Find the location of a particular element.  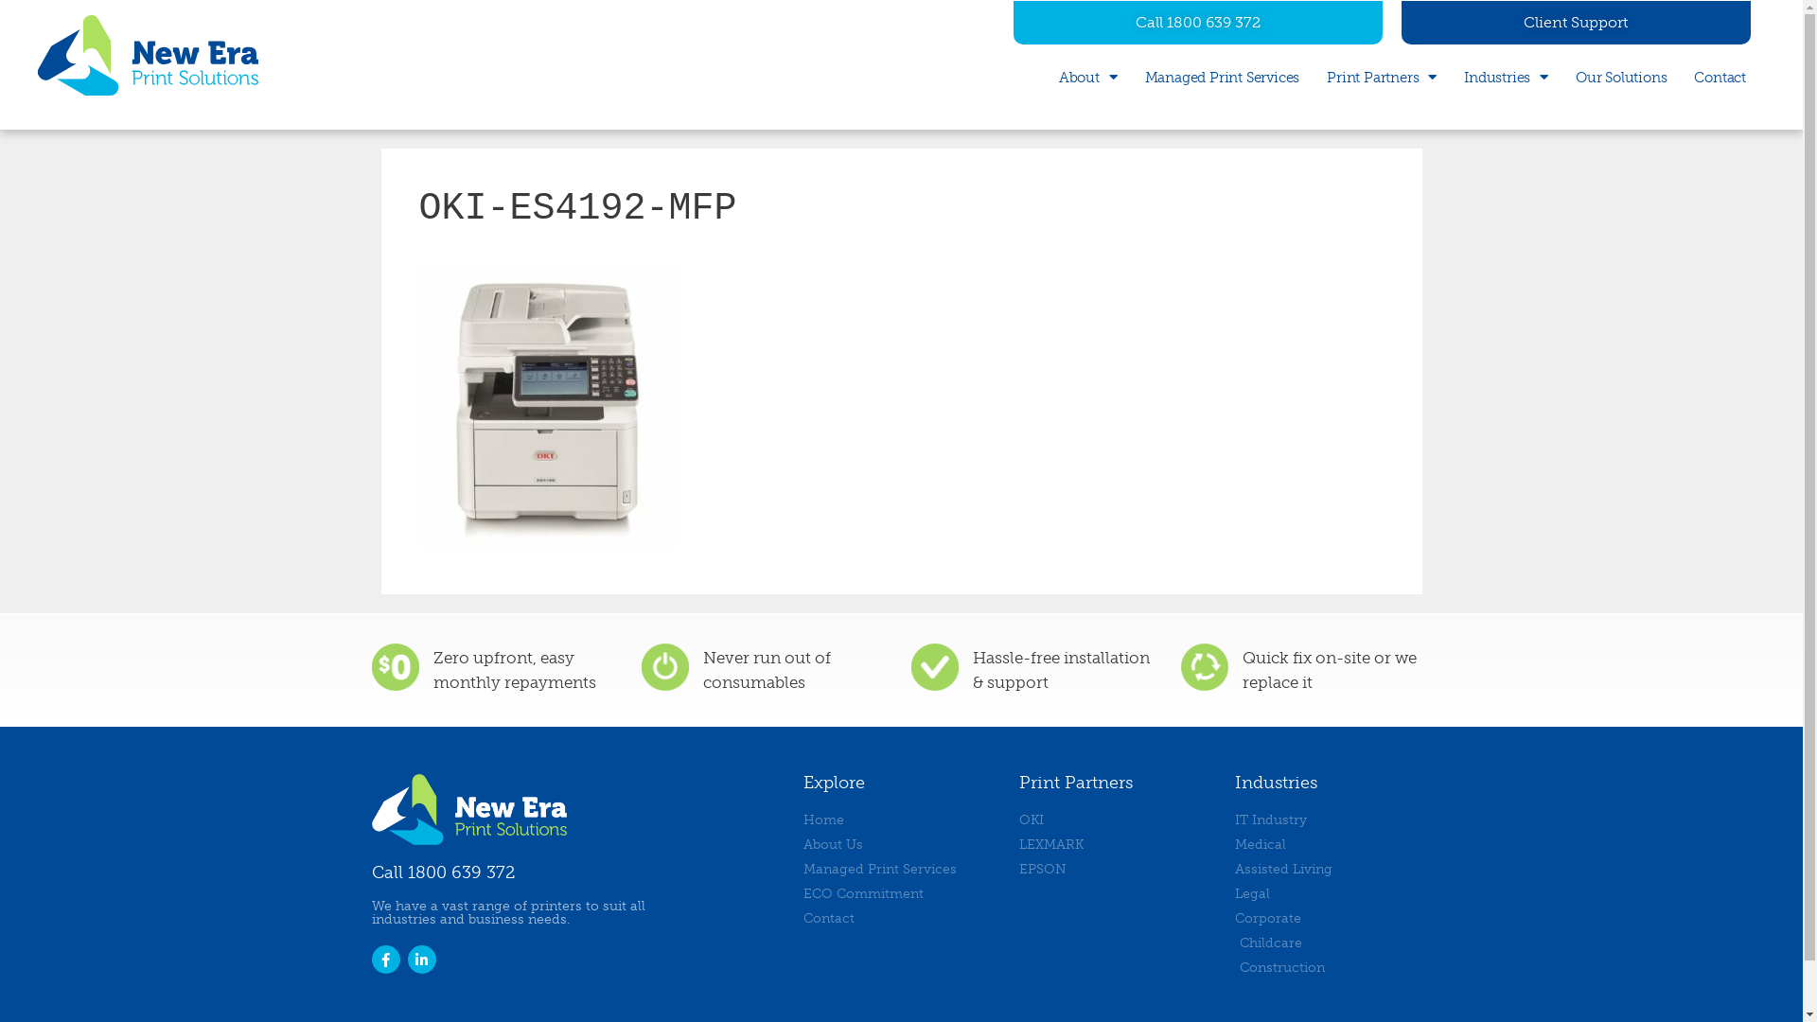

'IT Industry' is located at coordinates (1234, 819).